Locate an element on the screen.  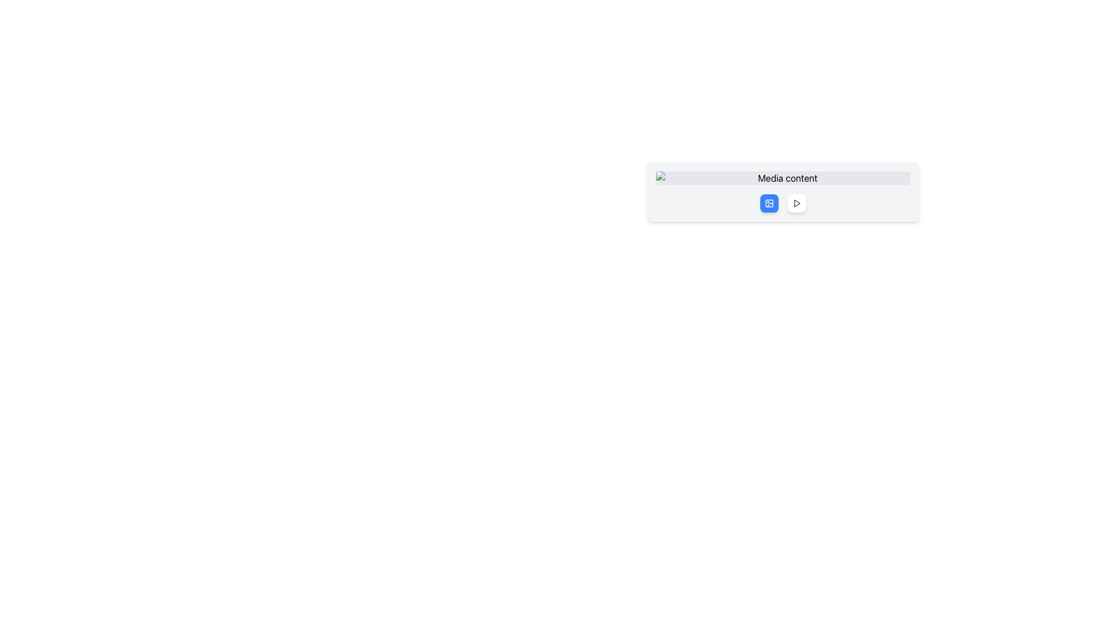
the blue circular button with a framed image icon, which is the first in the horizontal layout of buttons is located at coordinates (769, 202).